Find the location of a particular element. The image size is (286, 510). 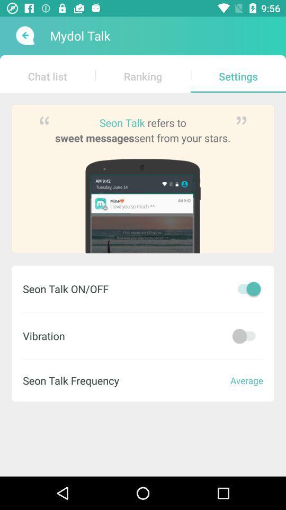

on and off vibration is located at coordinates (246, 335).